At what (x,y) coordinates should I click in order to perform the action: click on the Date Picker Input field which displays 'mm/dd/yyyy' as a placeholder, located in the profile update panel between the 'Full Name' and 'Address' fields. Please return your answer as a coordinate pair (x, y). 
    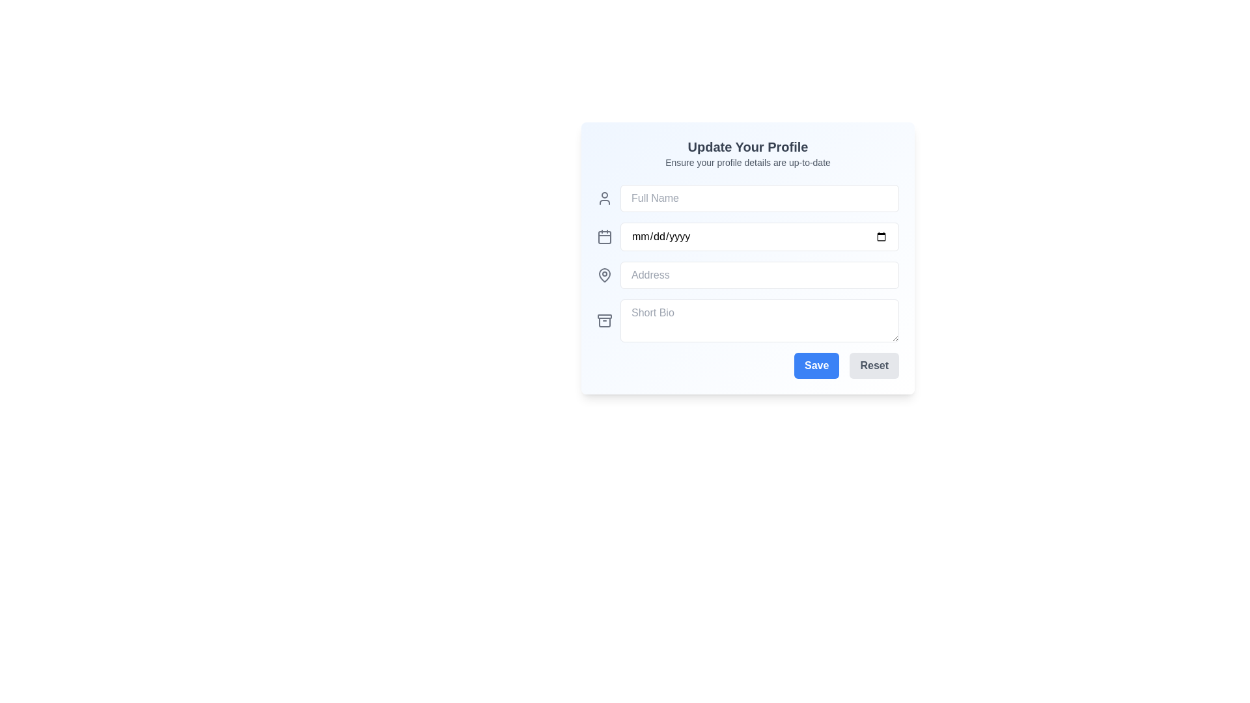
    Looking at the image, I should click on (747, 236).